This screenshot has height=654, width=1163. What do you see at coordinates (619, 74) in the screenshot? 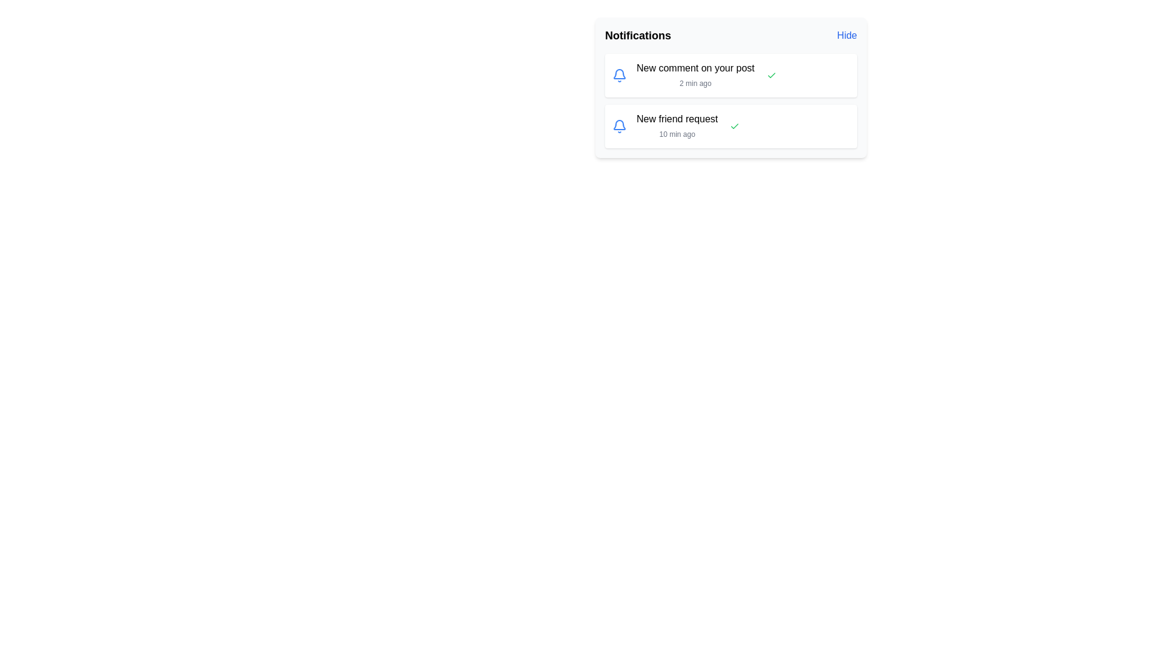
I see `the upper part of the bell icon representing a friend request notification in the Notifications panel` at bounding box center [619, 74].